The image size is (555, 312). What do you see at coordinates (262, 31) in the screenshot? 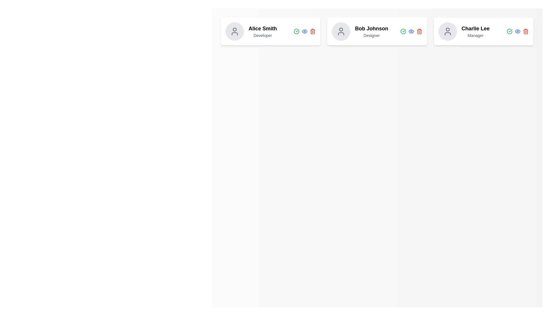
I see `displayed text from the Text display element that shows an individual's name and title, positioned at the top-left of the interface` at bounding box center [262, 31].